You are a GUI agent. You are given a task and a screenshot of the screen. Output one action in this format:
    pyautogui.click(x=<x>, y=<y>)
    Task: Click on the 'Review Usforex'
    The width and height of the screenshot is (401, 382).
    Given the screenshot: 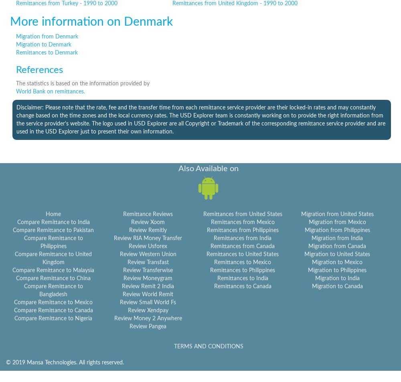 What is the action you would take?
    pyautogui.click(x=148, y=246)
    